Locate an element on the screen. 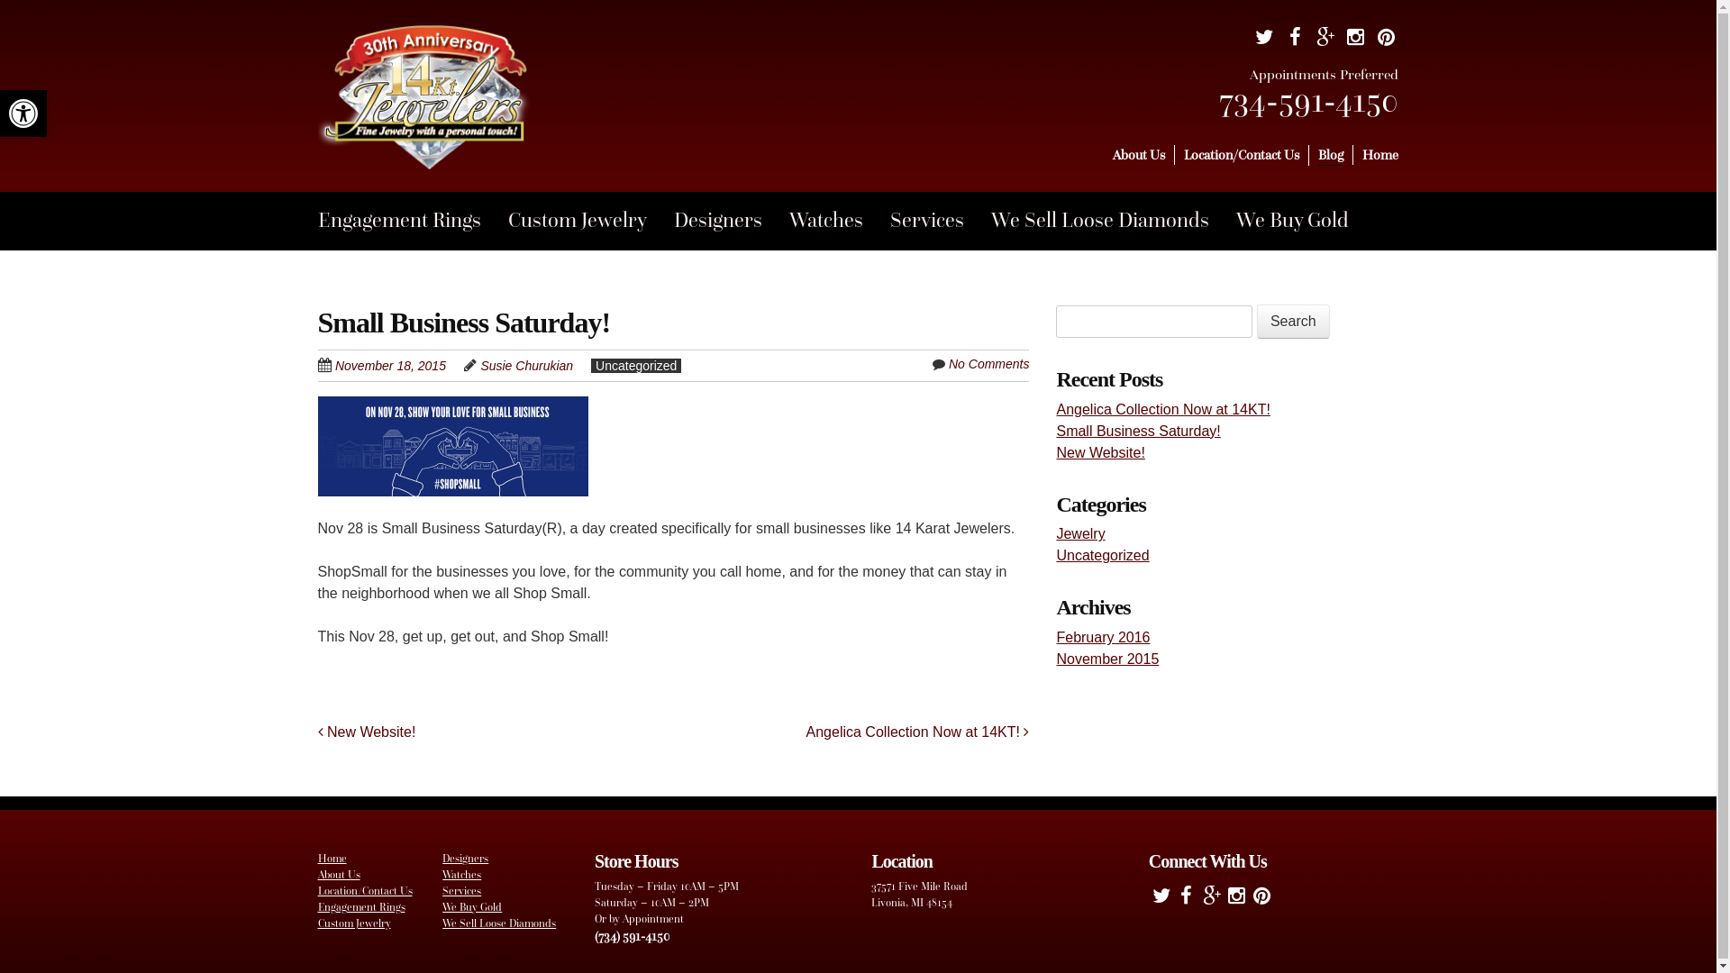 This screenshot has width=1730, height=973. 'November 2015' is located at coordinates (1106, 659).